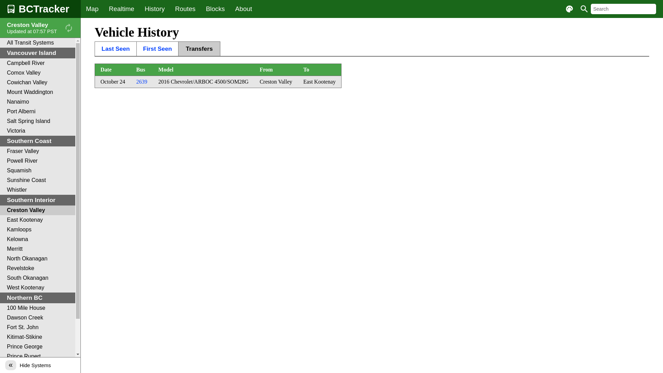 This screenshot has height=373, width=663. What do you see at coordinates (0, 111) in the screenshot?
I see `'Port Alberni'` at bounding box center [0, 111].